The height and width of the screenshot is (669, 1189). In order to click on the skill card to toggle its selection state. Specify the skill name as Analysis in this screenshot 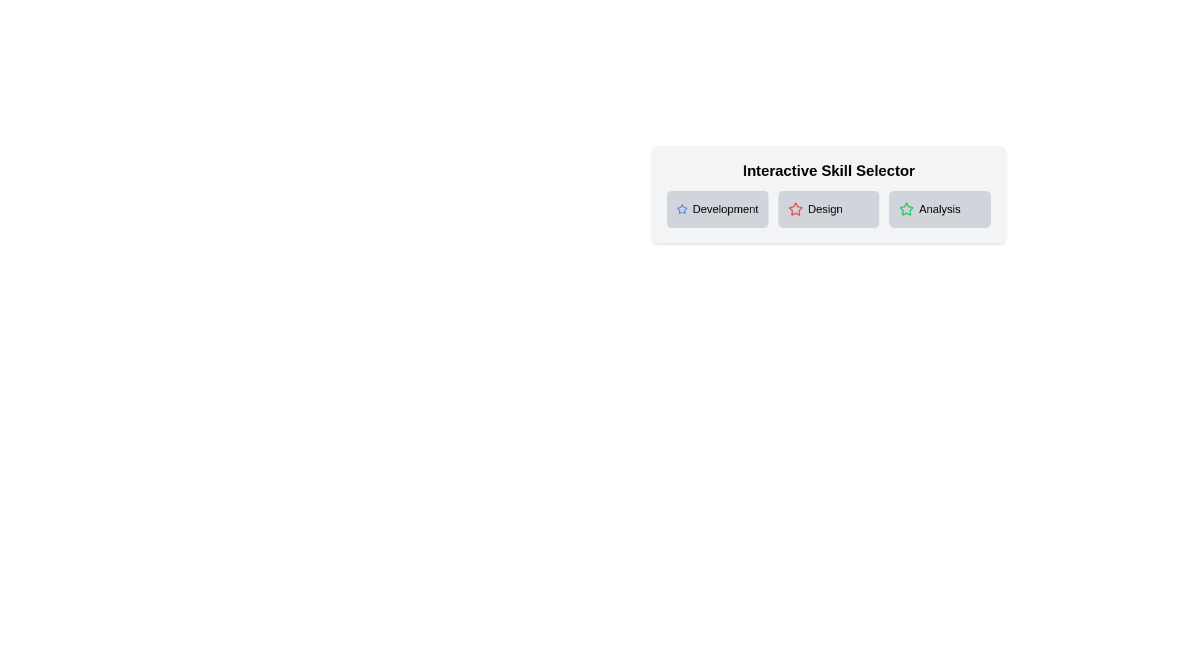, I will do `click(940, 209)`.